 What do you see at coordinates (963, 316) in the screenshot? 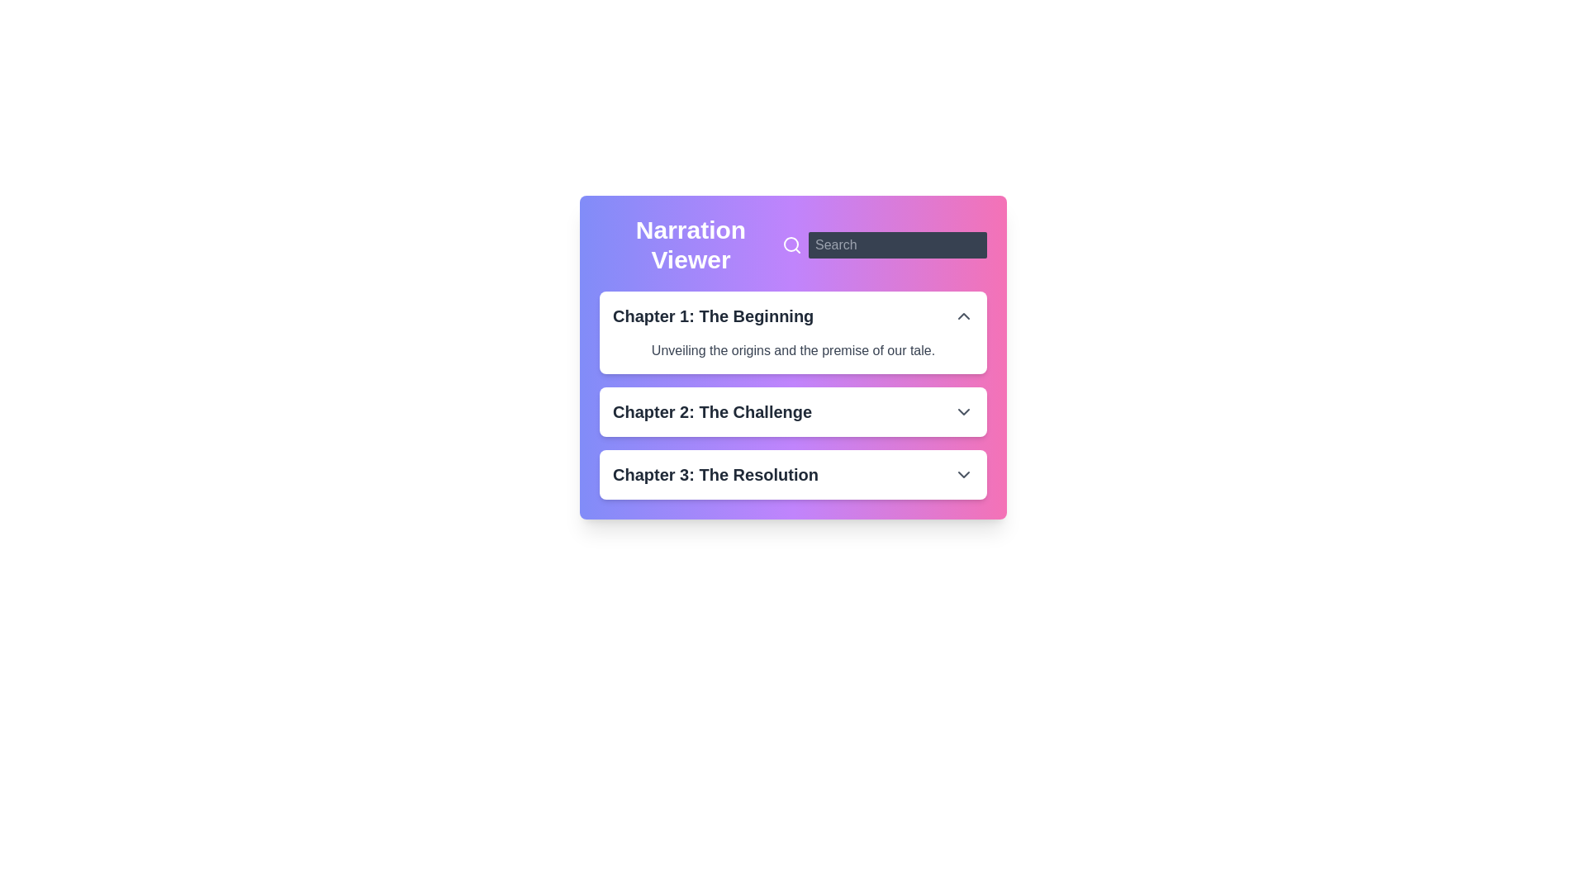
I see `the interactive control icon located on the far right side of the row labeled 'Chapter 1: The Beginning'` at bounding box center [963, 316].